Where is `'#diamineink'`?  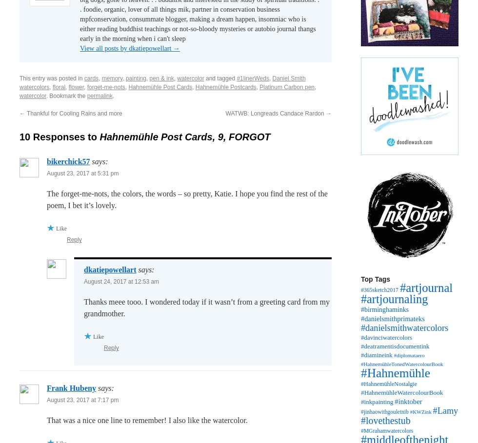 '#diamineink' is located at coordinates (377, 354).